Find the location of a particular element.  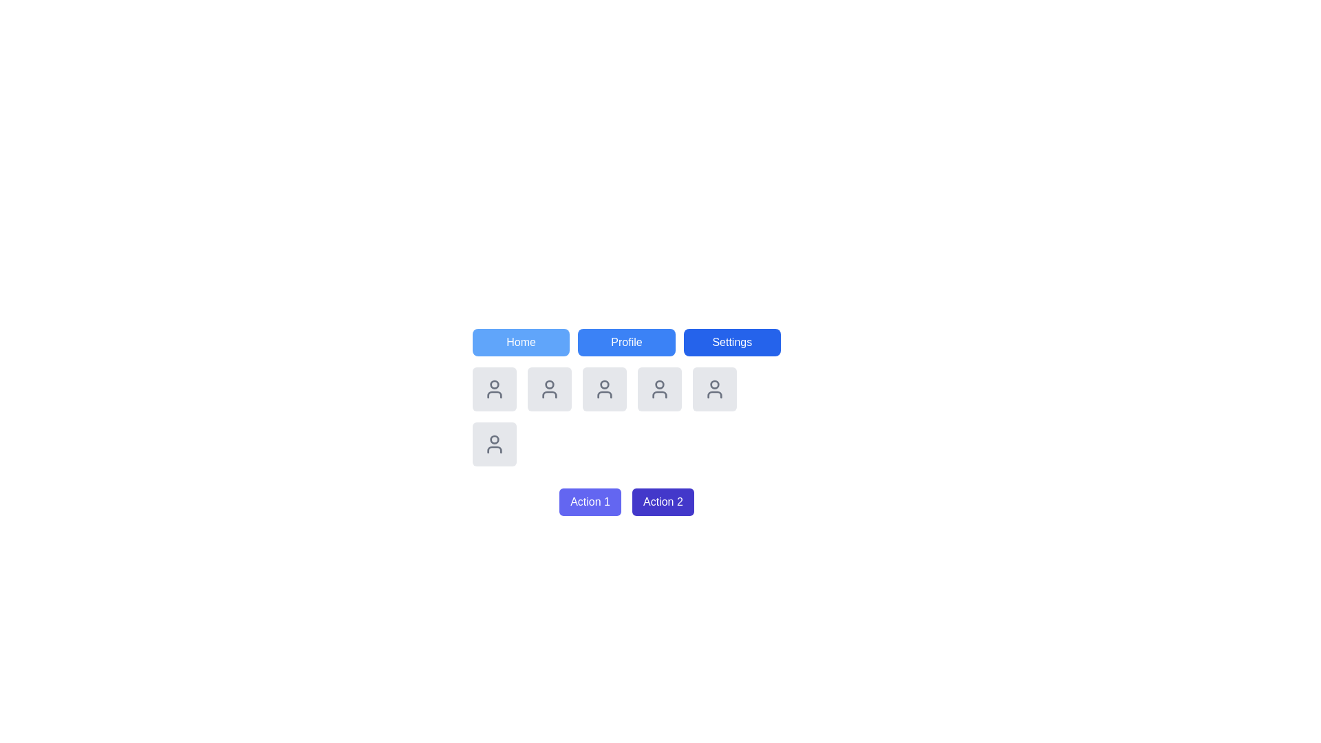

the user profile icon, which is represented by a small circular shape within the SVG graphic, located as the third icon in a horizontal set under the navigation bar is located at coordinates (548, 385).